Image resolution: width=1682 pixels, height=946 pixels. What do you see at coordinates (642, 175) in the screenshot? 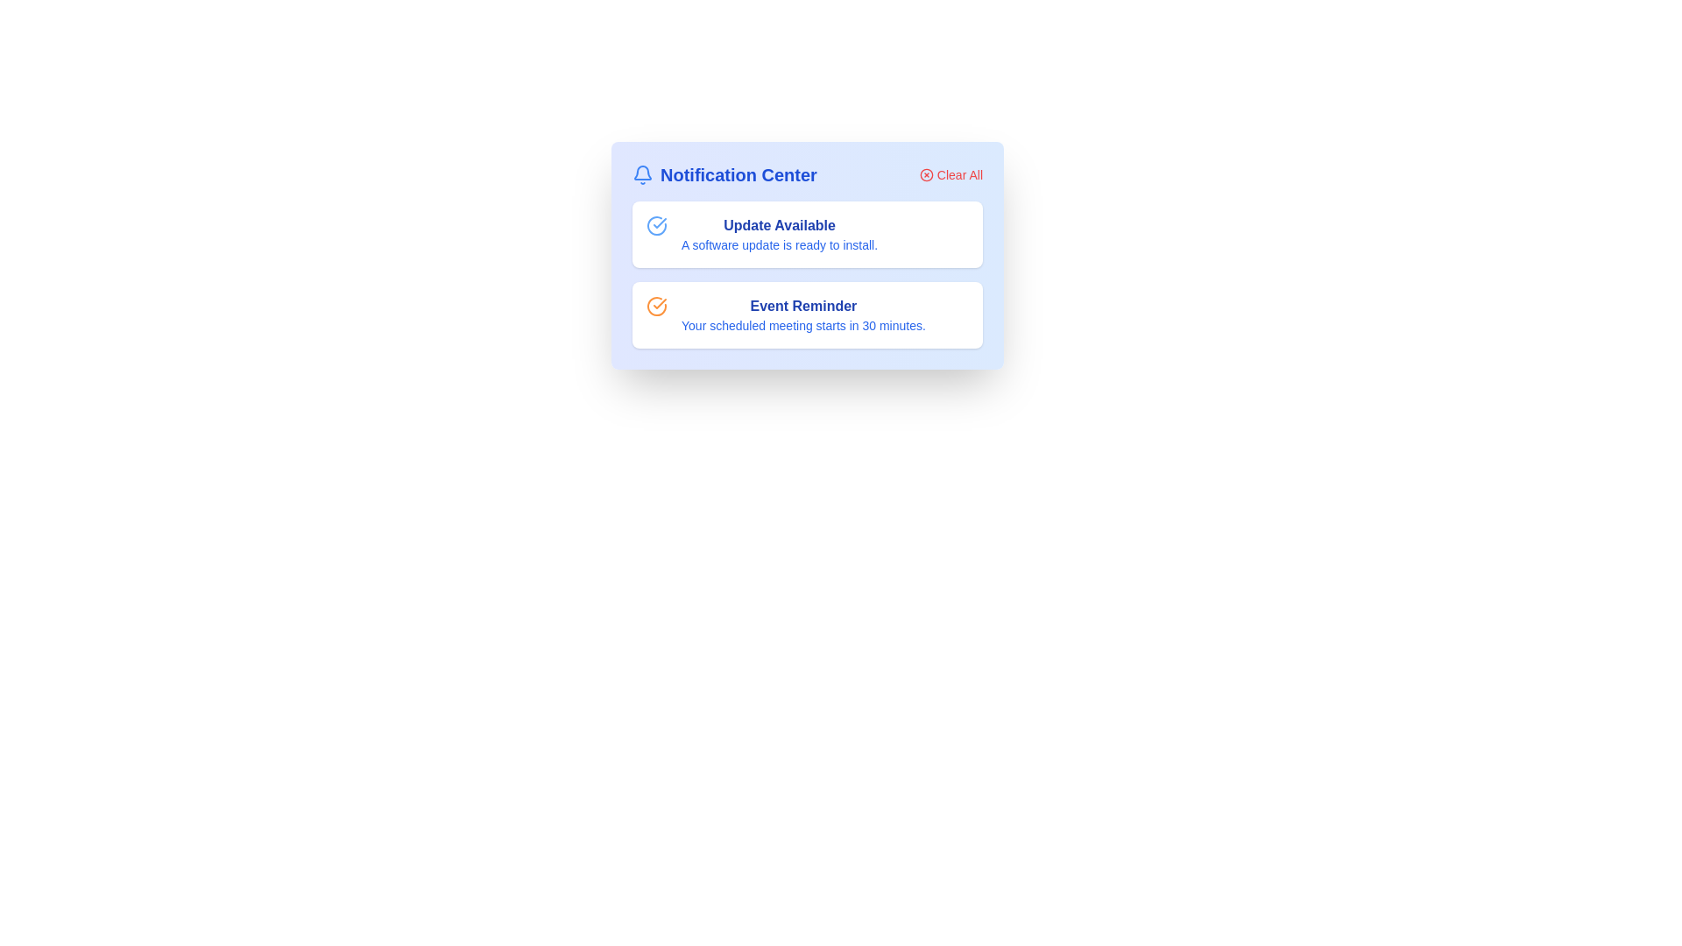
I see `the notification icon located to the immediate left of the 'Notification Center' title in the header area, to gather information about its visual representation and functionality` at bounding box center [642, 175].